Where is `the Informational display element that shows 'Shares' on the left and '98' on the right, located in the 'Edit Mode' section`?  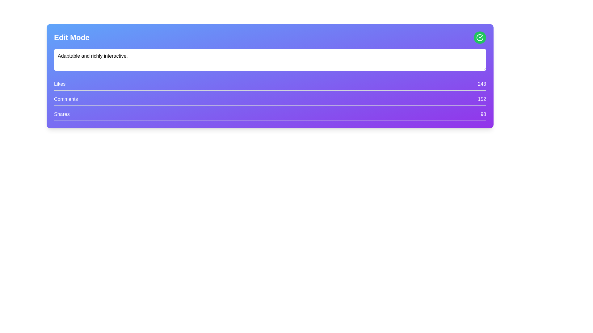
the Informational display element that shows 'Shares' on the left and '98' on the right, located in the 'Edit Mode' section is located at coordinates (270, 116).